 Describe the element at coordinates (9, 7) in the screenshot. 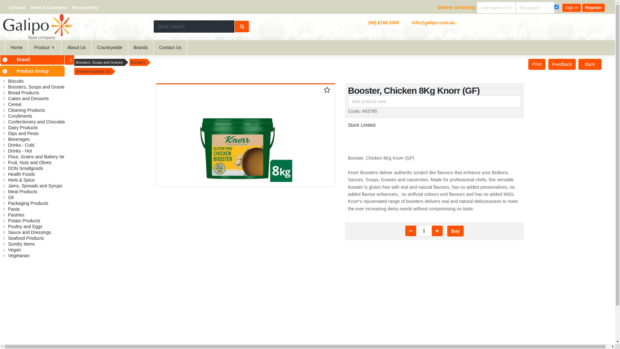

I see `'Contacts'` at that location.